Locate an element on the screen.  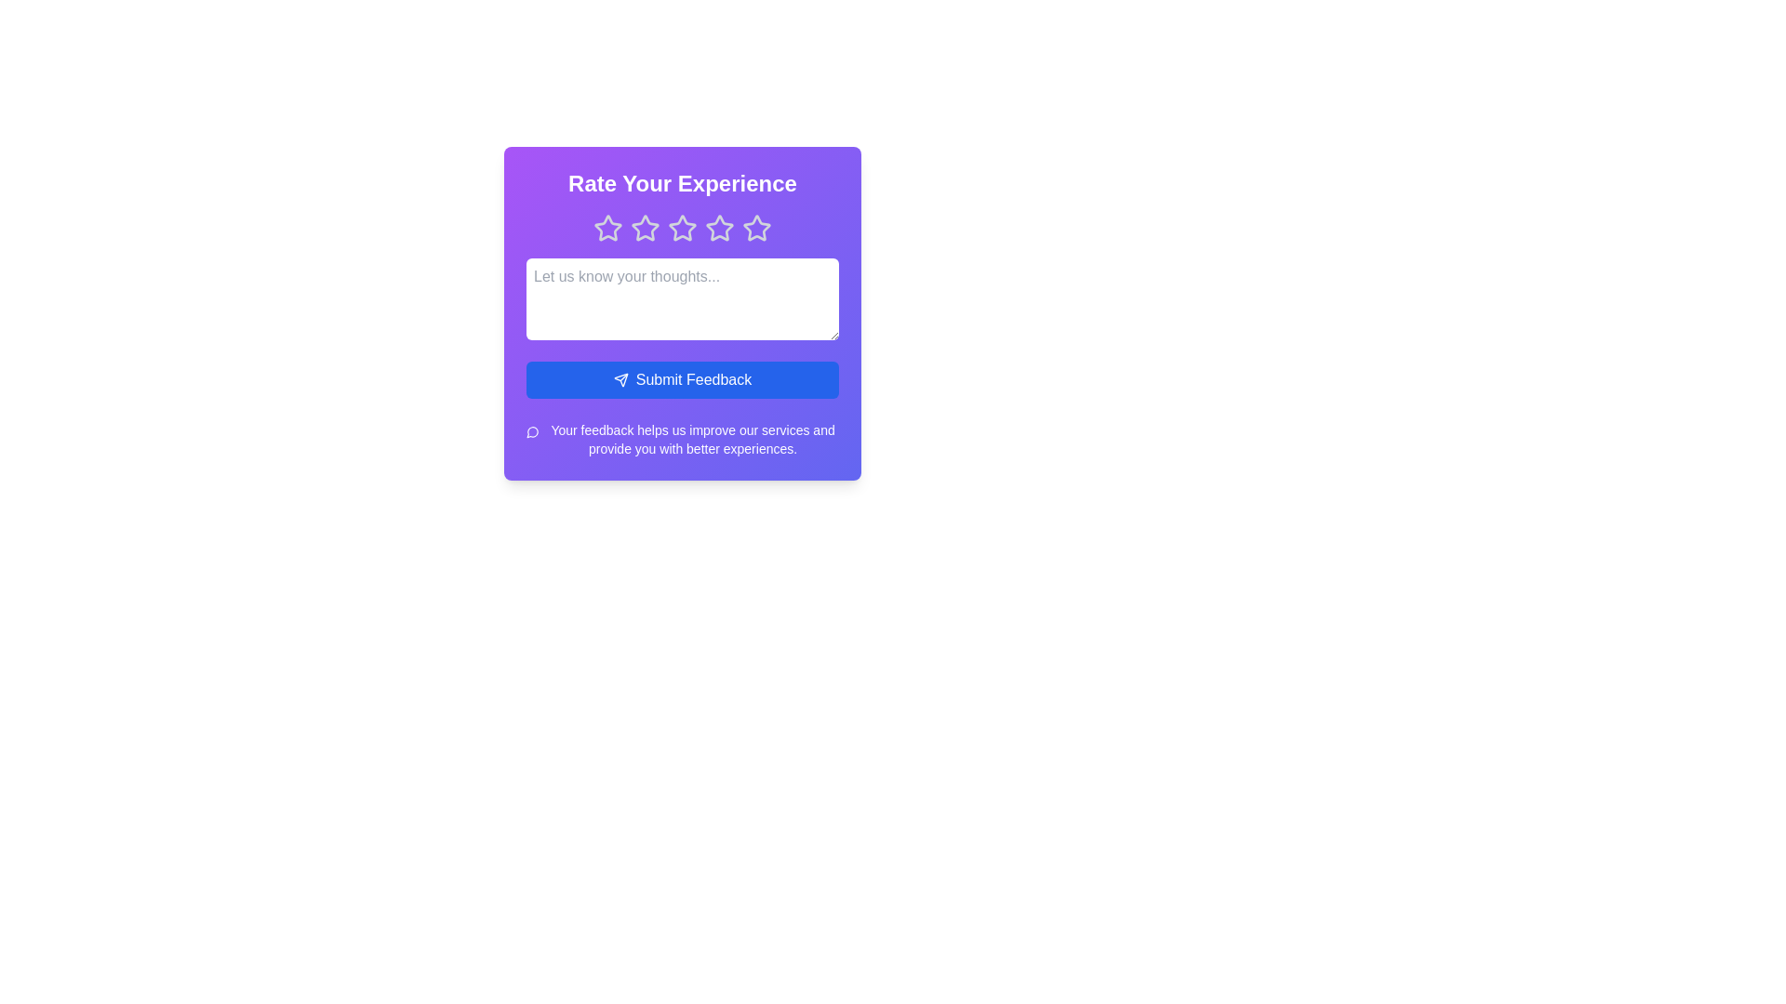
the arrow-like icon used for sending or submitting actions, located inside the 'Submit Feedback' button at the center bottom of the interface is located at coordinates (620, 378).